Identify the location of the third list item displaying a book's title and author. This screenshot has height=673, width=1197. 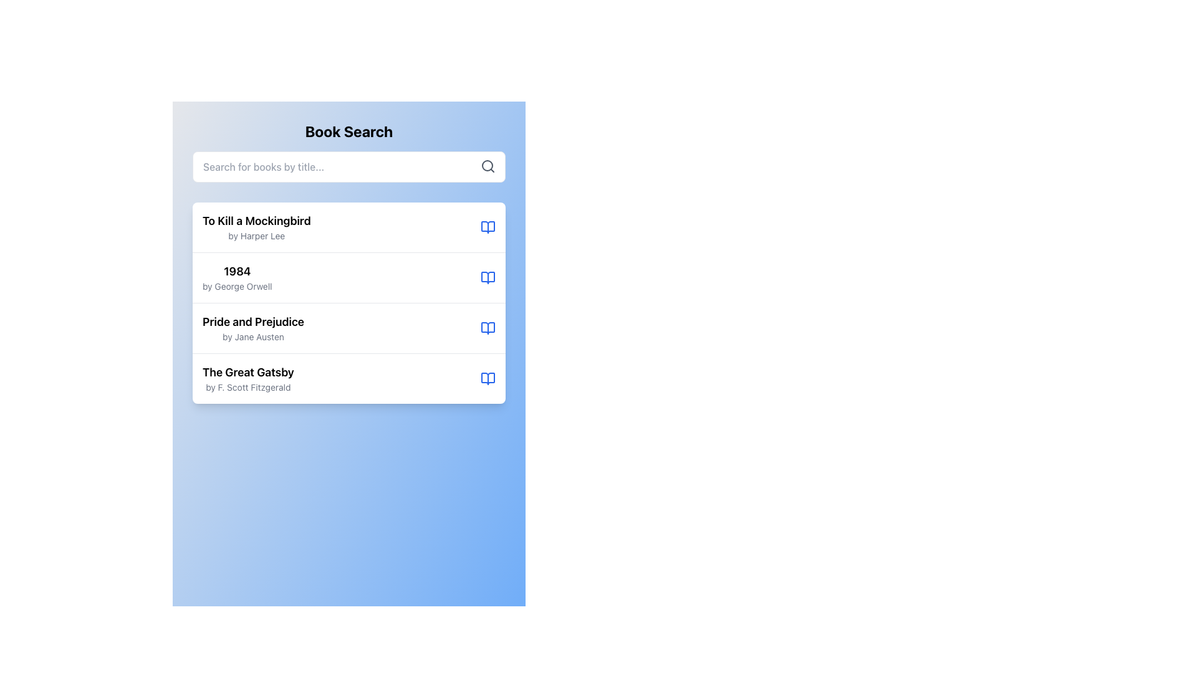
(349, 327).